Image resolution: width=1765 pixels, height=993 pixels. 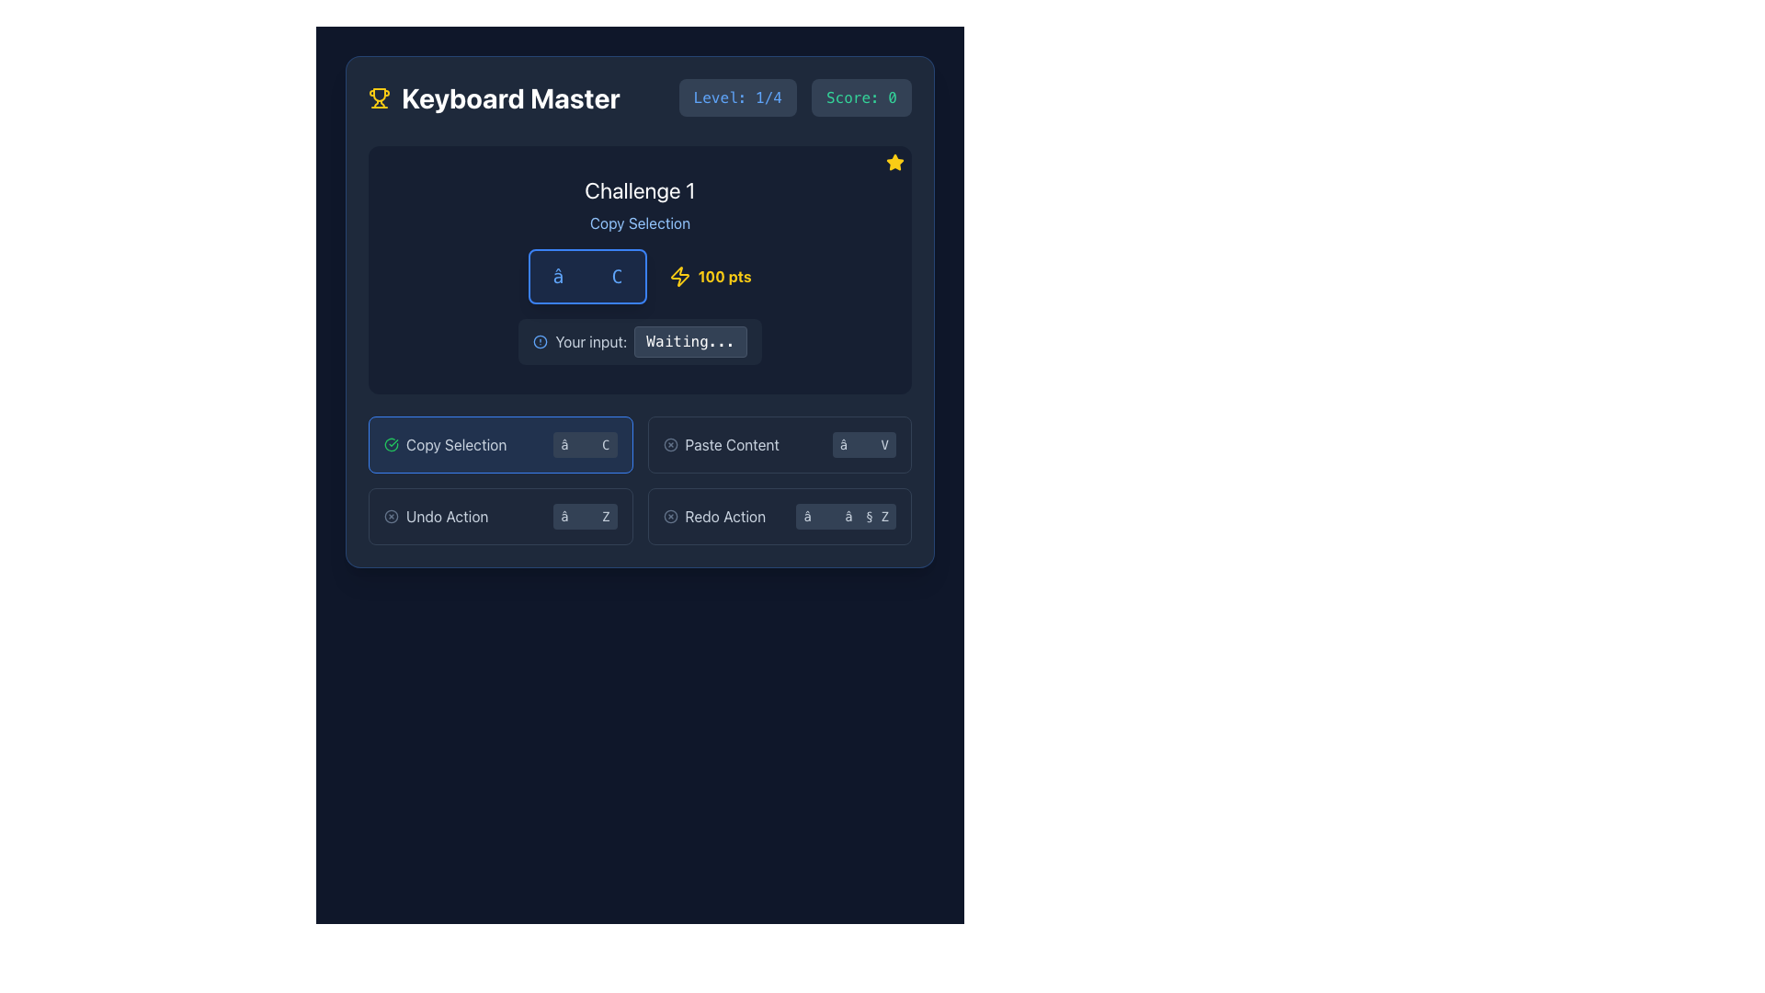 I want to click on the 'Undo Action' text label, which is located in the second row of options below 'Copy Selection' and to the left of 'Redo Action.', so click(x=447, y=517).